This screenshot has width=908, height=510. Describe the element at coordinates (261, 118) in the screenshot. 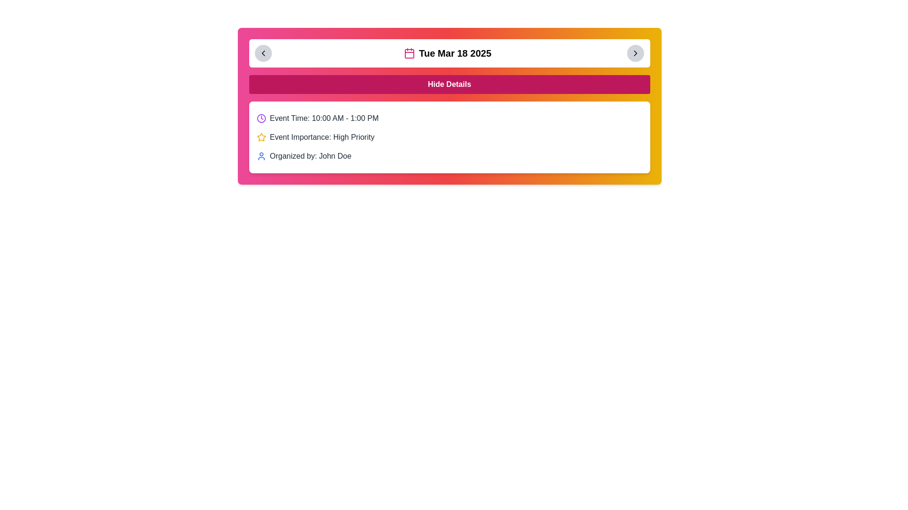

I see `the decorative SVG circle element of the 'Event Time' icon, located at the beginning of the text 'Event Time: 10:00 AM - 1:00 PM'` at that location.